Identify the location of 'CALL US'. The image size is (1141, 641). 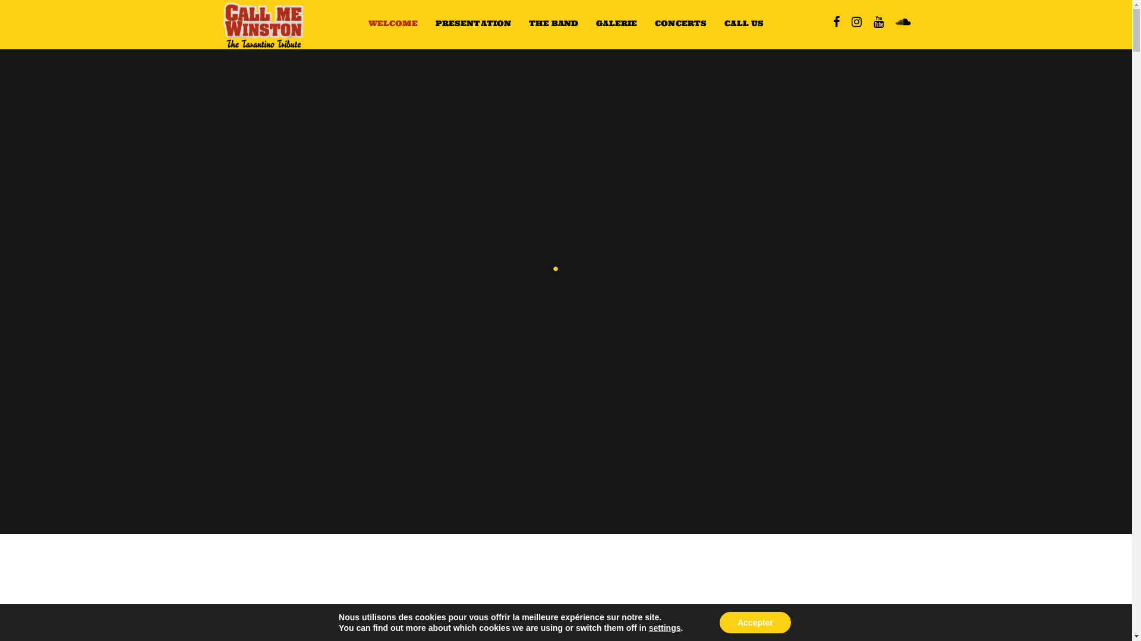
(715, 23).